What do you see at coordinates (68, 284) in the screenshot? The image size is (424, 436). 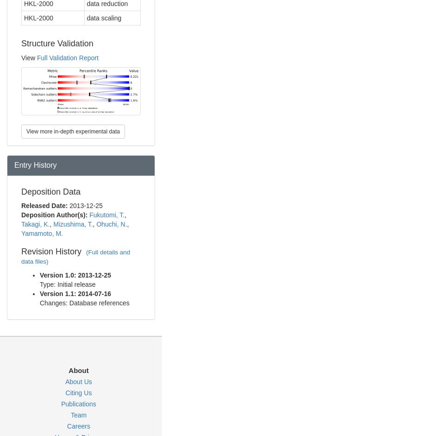 I see `'Type: Initial release'` at bounding box center [68, 284].